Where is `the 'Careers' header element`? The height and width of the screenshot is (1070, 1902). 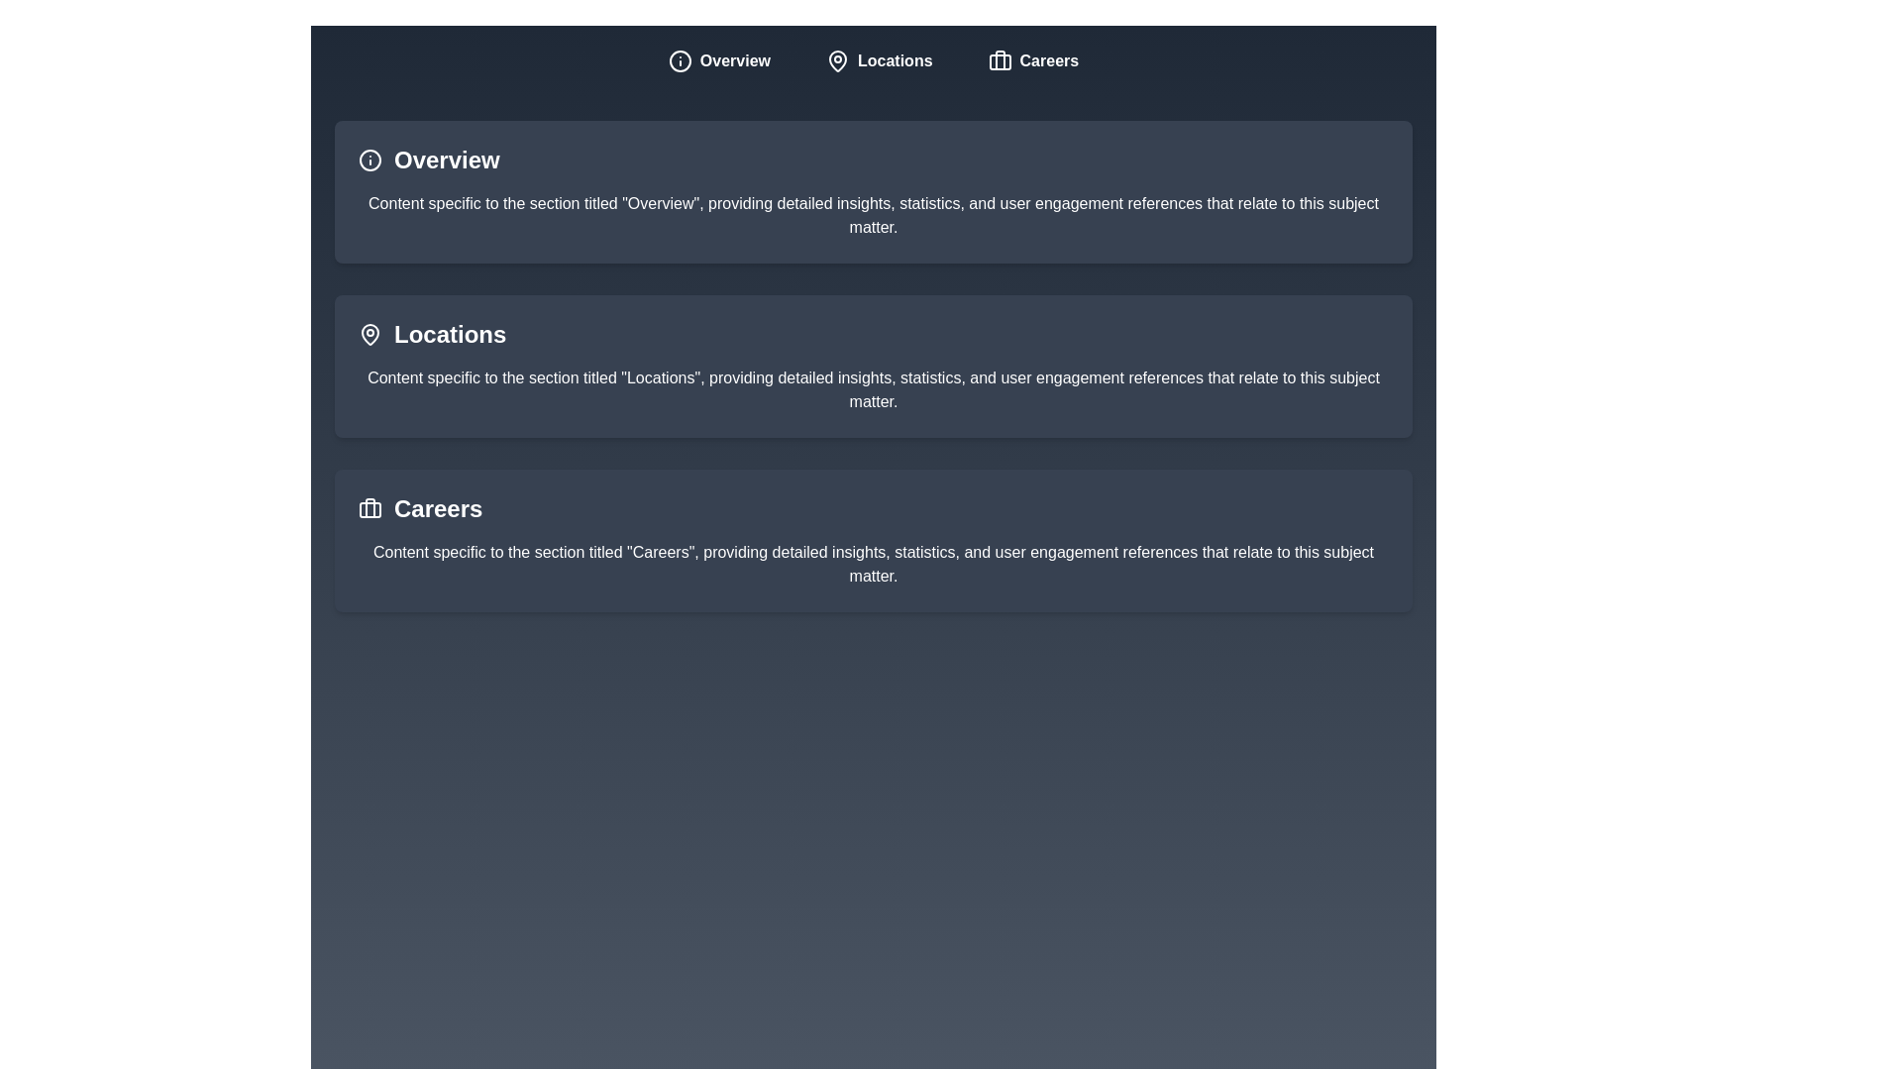
the 'Careers' header element is located at coordinates (437, 507).